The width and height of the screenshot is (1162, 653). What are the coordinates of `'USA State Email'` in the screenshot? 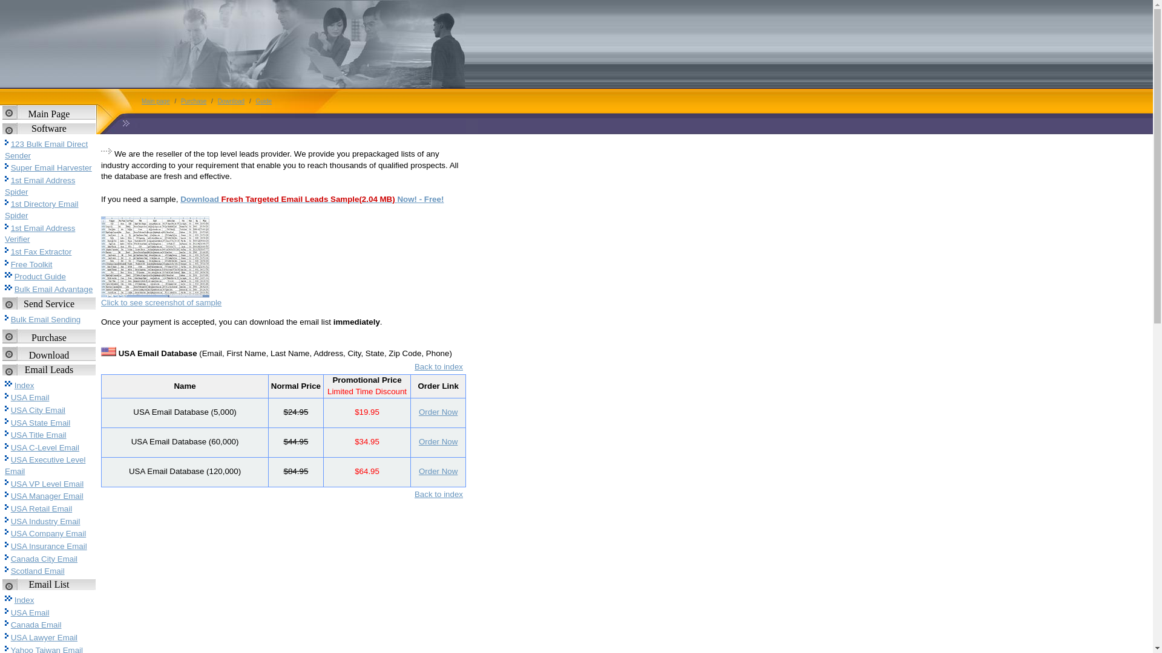 It's located at (11, 422).